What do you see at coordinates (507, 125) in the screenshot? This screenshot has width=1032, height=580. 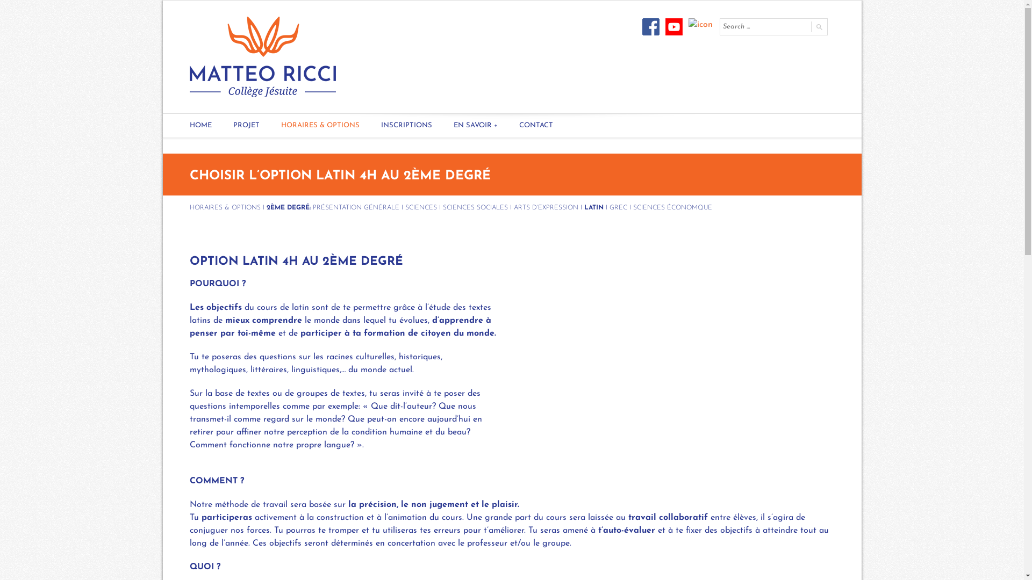 I see `'CONTACT'` at bounding box center [507, 125].